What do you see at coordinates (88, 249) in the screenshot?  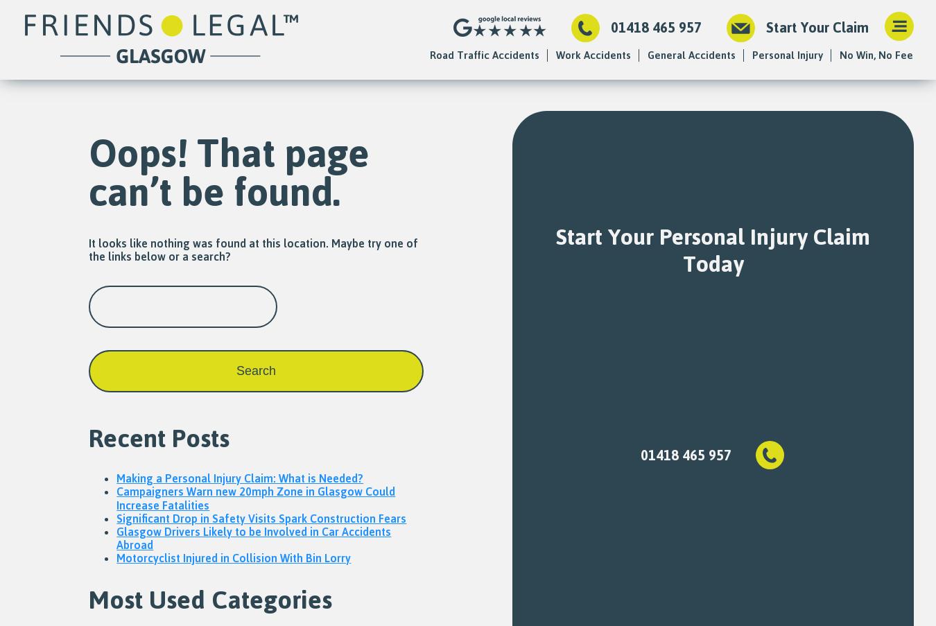 I see `'It looks like nothing was found at this location. Maybe try one of the links below or a search?'` at bounding box center [88, 249].